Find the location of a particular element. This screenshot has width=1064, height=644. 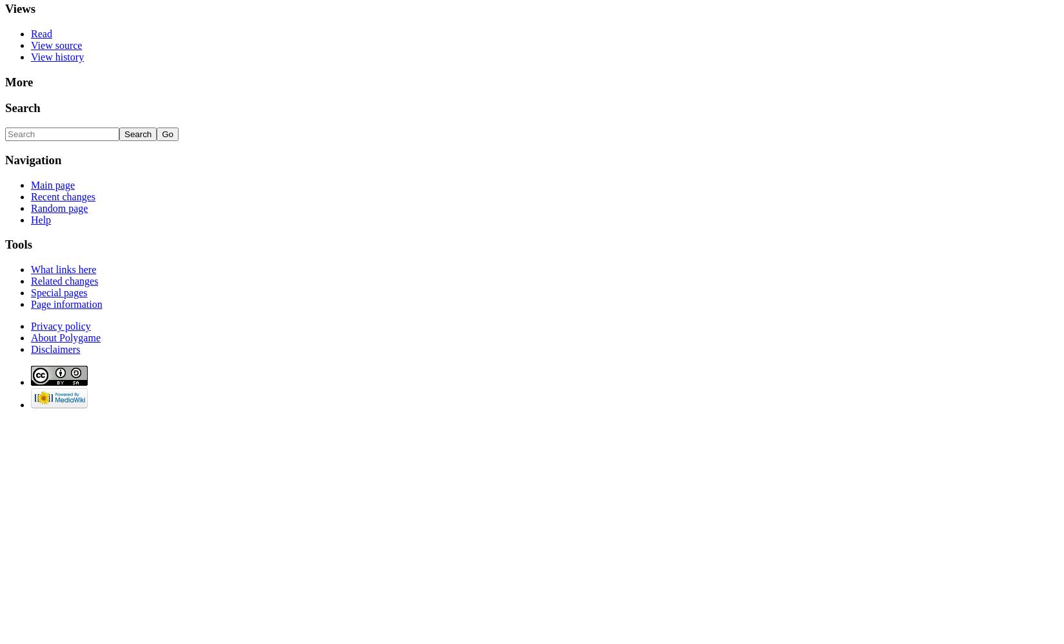

'Special pages' is located at coordinates (59, 292).